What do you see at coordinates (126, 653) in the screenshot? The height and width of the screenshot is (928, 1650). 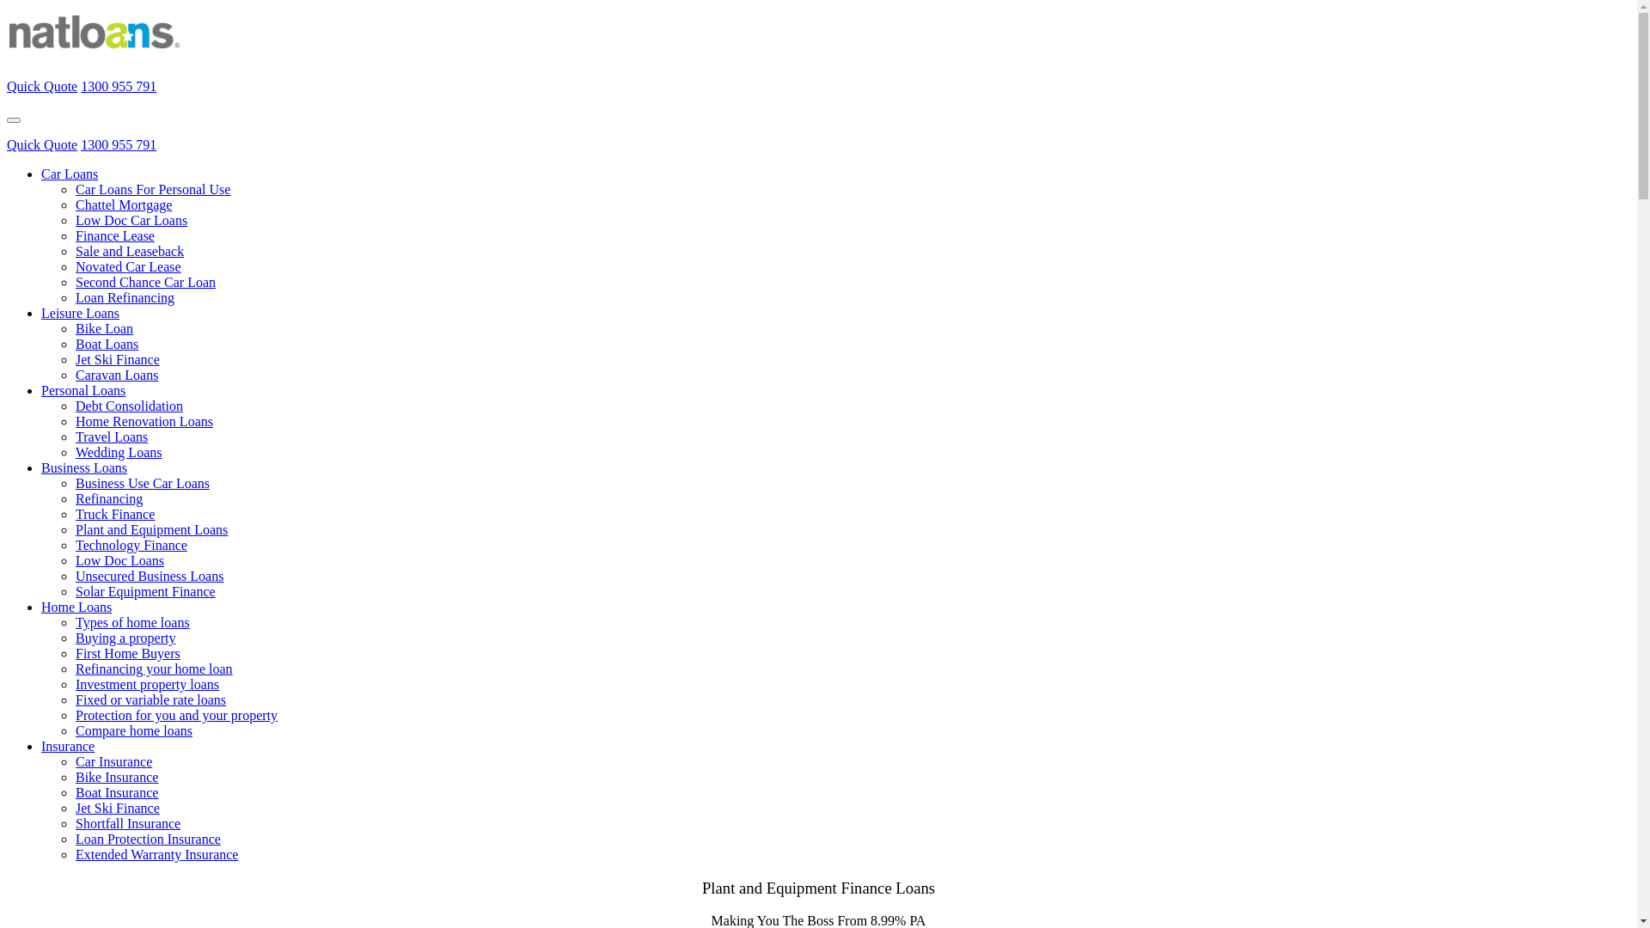 I see `'First Home Buyers'` at bounding box center [126, 653].